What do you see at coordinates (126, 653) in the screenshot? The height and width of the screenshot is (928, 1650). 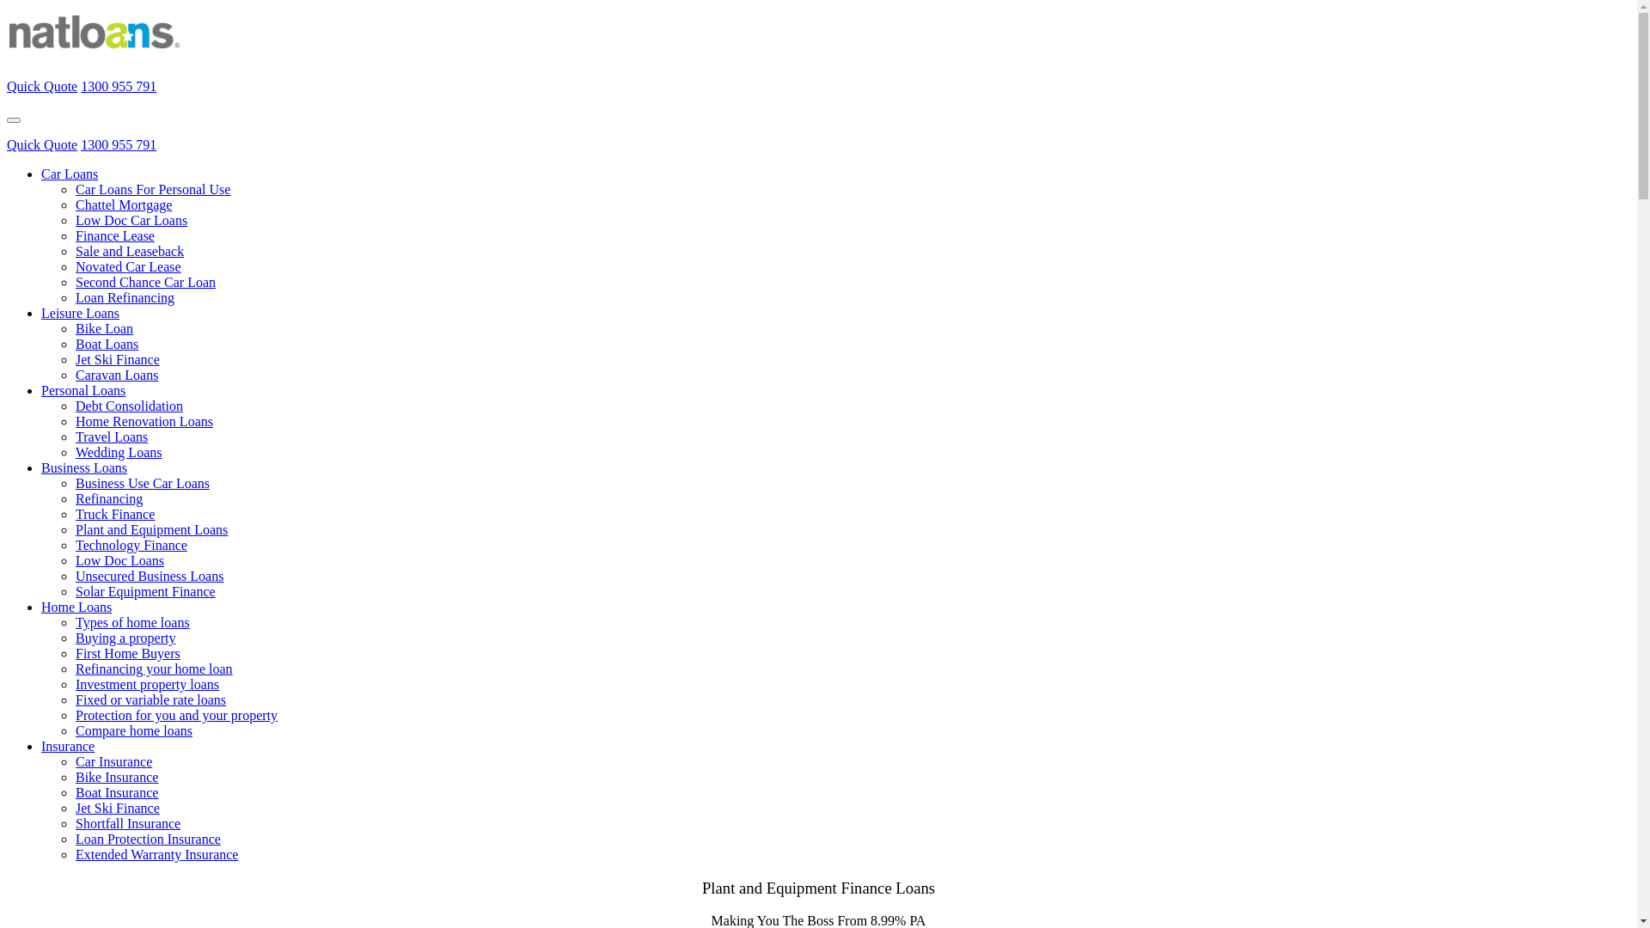 I see `'First Home Buyers'` at bounding box center [126, 653].